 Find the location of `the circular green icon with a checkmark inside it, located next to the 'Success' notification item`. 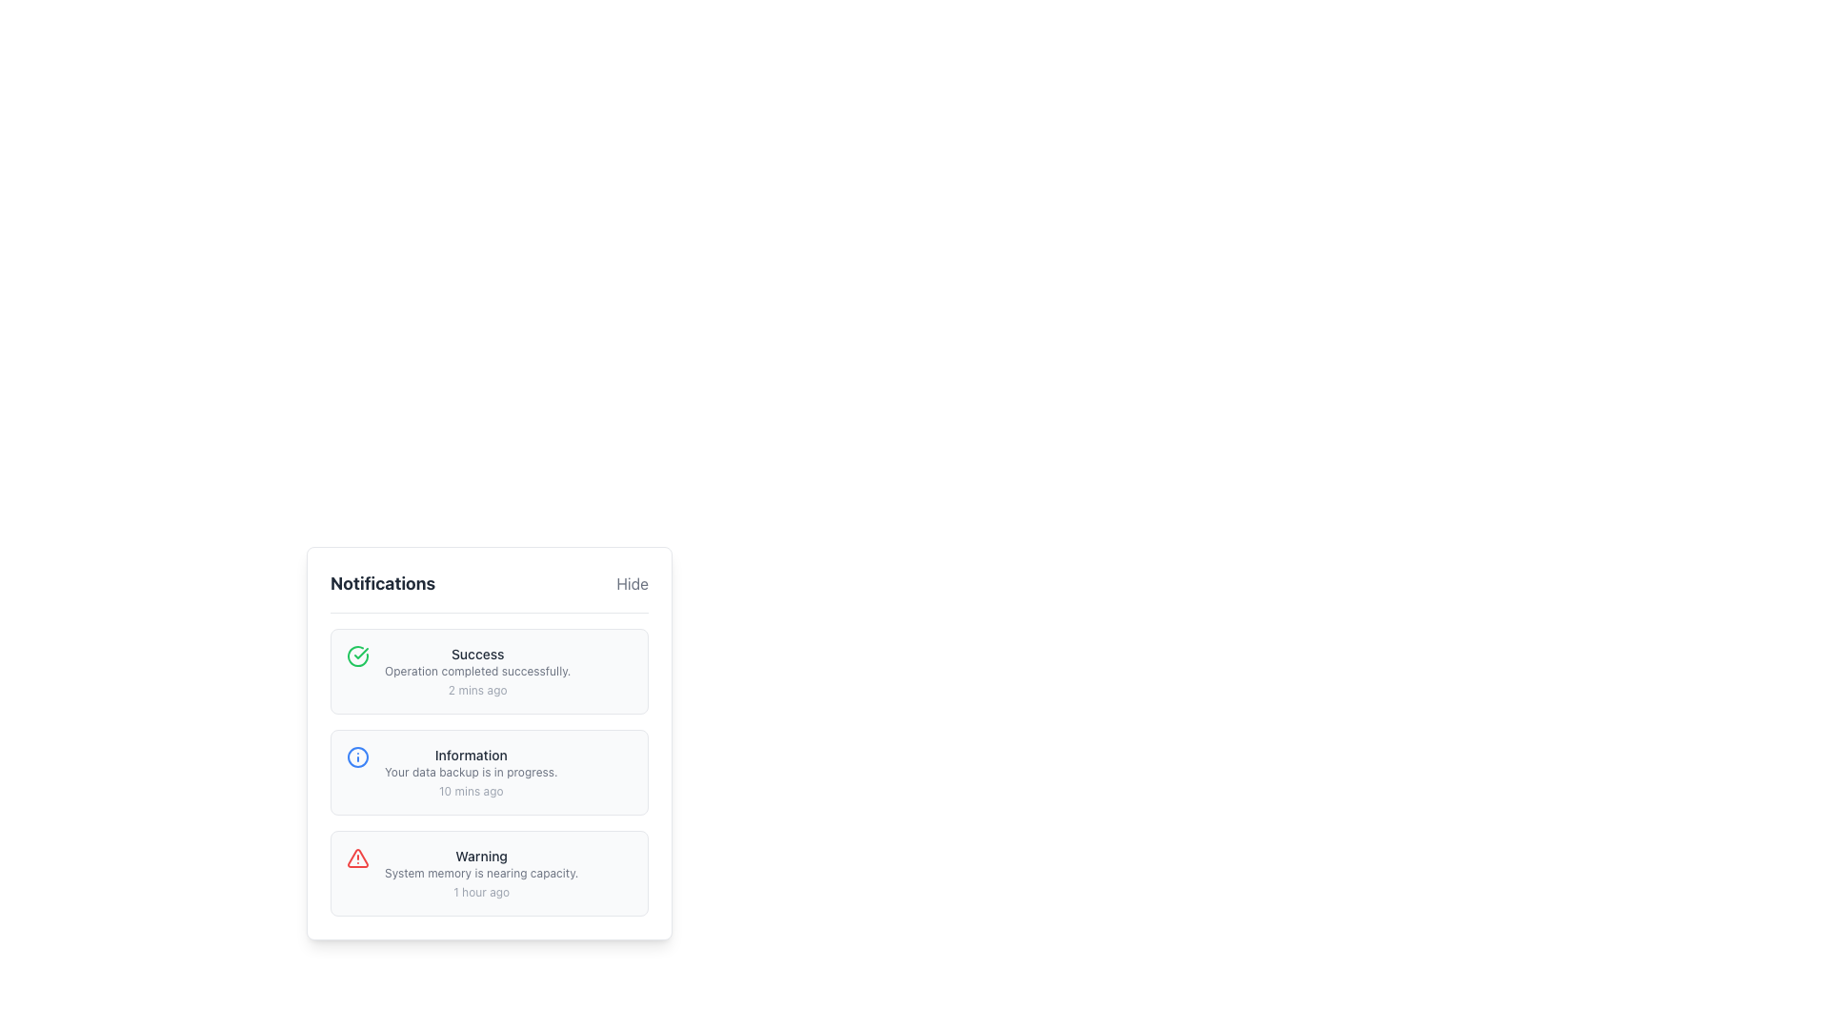

the circular green icon with a checkmark inside it, located next to the 'Success' notification item is located at coordinates (357, 656).